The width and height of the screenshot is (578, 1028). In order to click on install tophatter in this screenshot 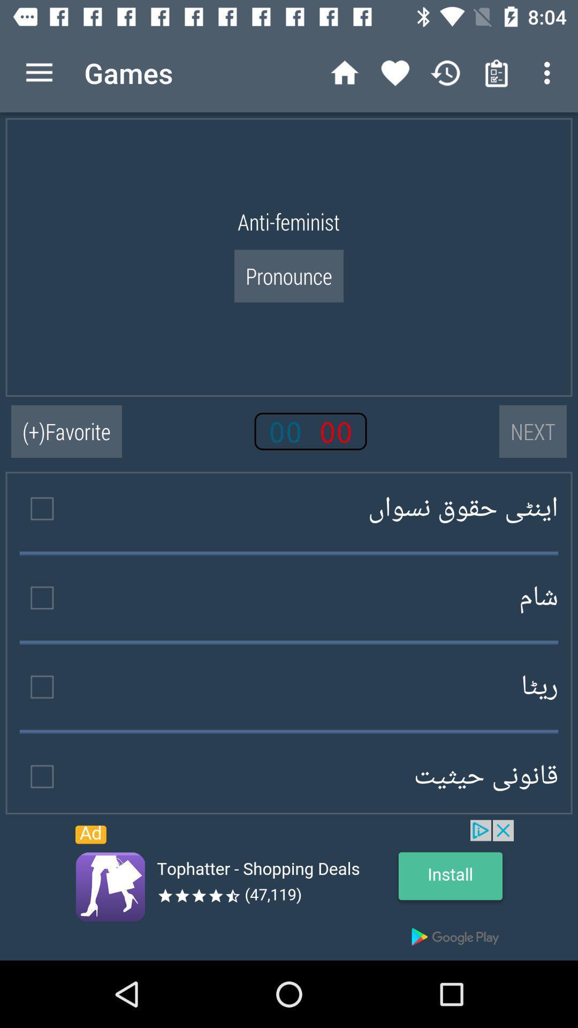, I will do `click(289, 890)`.